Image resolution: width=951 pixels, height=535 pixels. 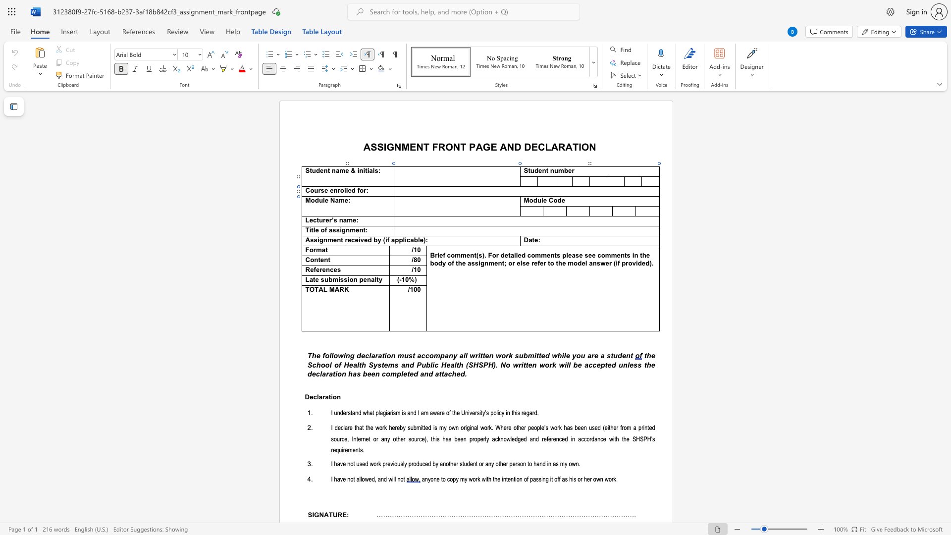 What do you see at coordinates (534, 201) in the screenshot?
I see `the 1th character "d" in the text` at bounding box center [534, 201].